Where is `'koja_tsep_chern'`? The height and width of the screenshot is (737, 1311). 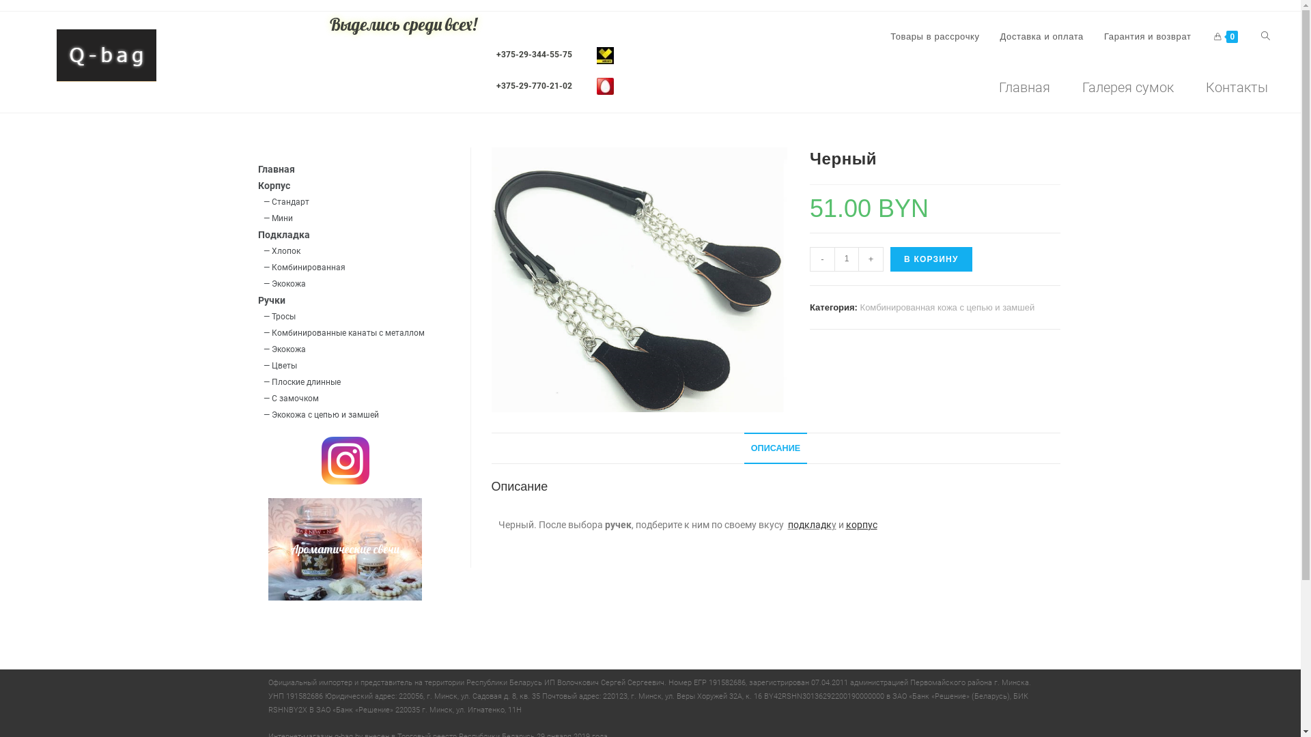 'koja_tsep_chern' is located at coordinates (638, 278).